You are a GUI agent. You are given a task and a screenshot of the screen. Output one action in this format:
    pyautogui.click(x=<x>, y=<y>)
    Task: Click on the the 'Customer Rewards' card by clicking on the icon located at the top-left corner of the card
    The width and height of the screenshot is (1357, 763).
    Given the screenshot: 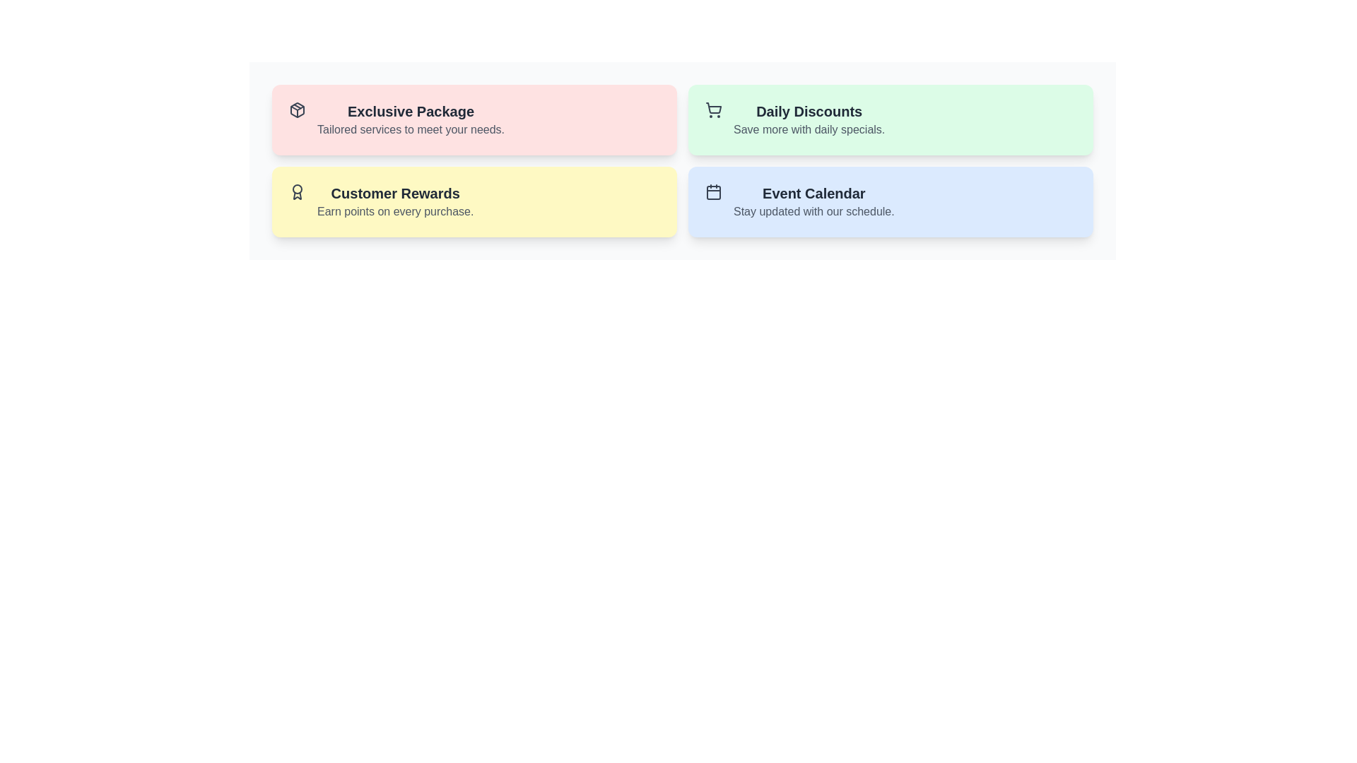 What is the action you would take?
    pyautogui.click(x=297, y=192)
    